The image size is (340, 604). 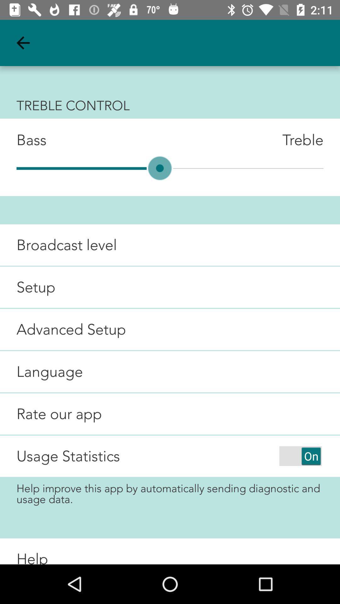 What do you see at coordinates (68, 456) in the screenshot?
I see `usage statistics` at bounding box center [68, 456].